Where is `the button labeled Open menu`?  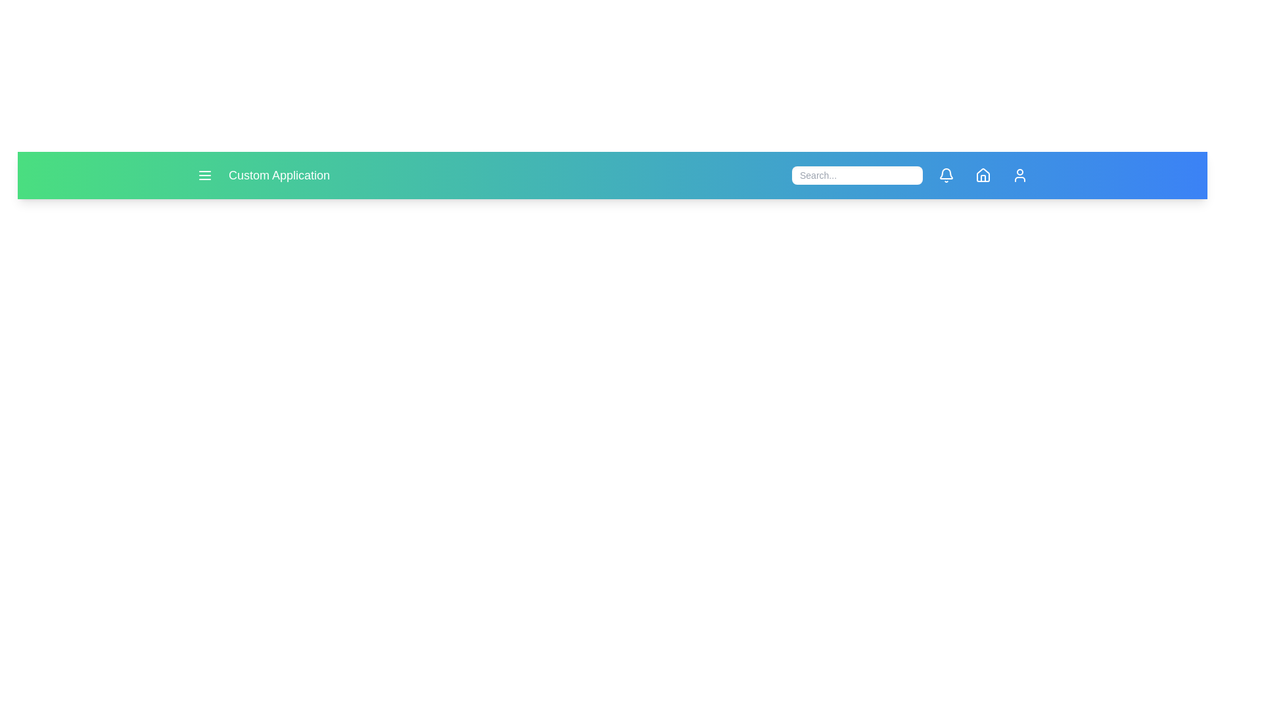
the button labeled Open menu is located at coordinates (204, 174).